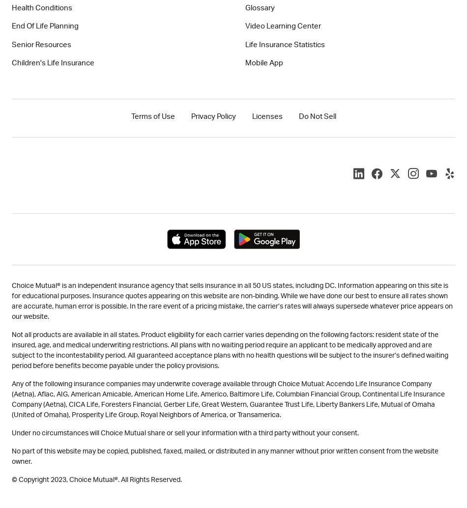 The image size is (467, 508). Describe the element at coordinates (41, 44) in the screenshot. I see `'Senior Resources'` at that location.